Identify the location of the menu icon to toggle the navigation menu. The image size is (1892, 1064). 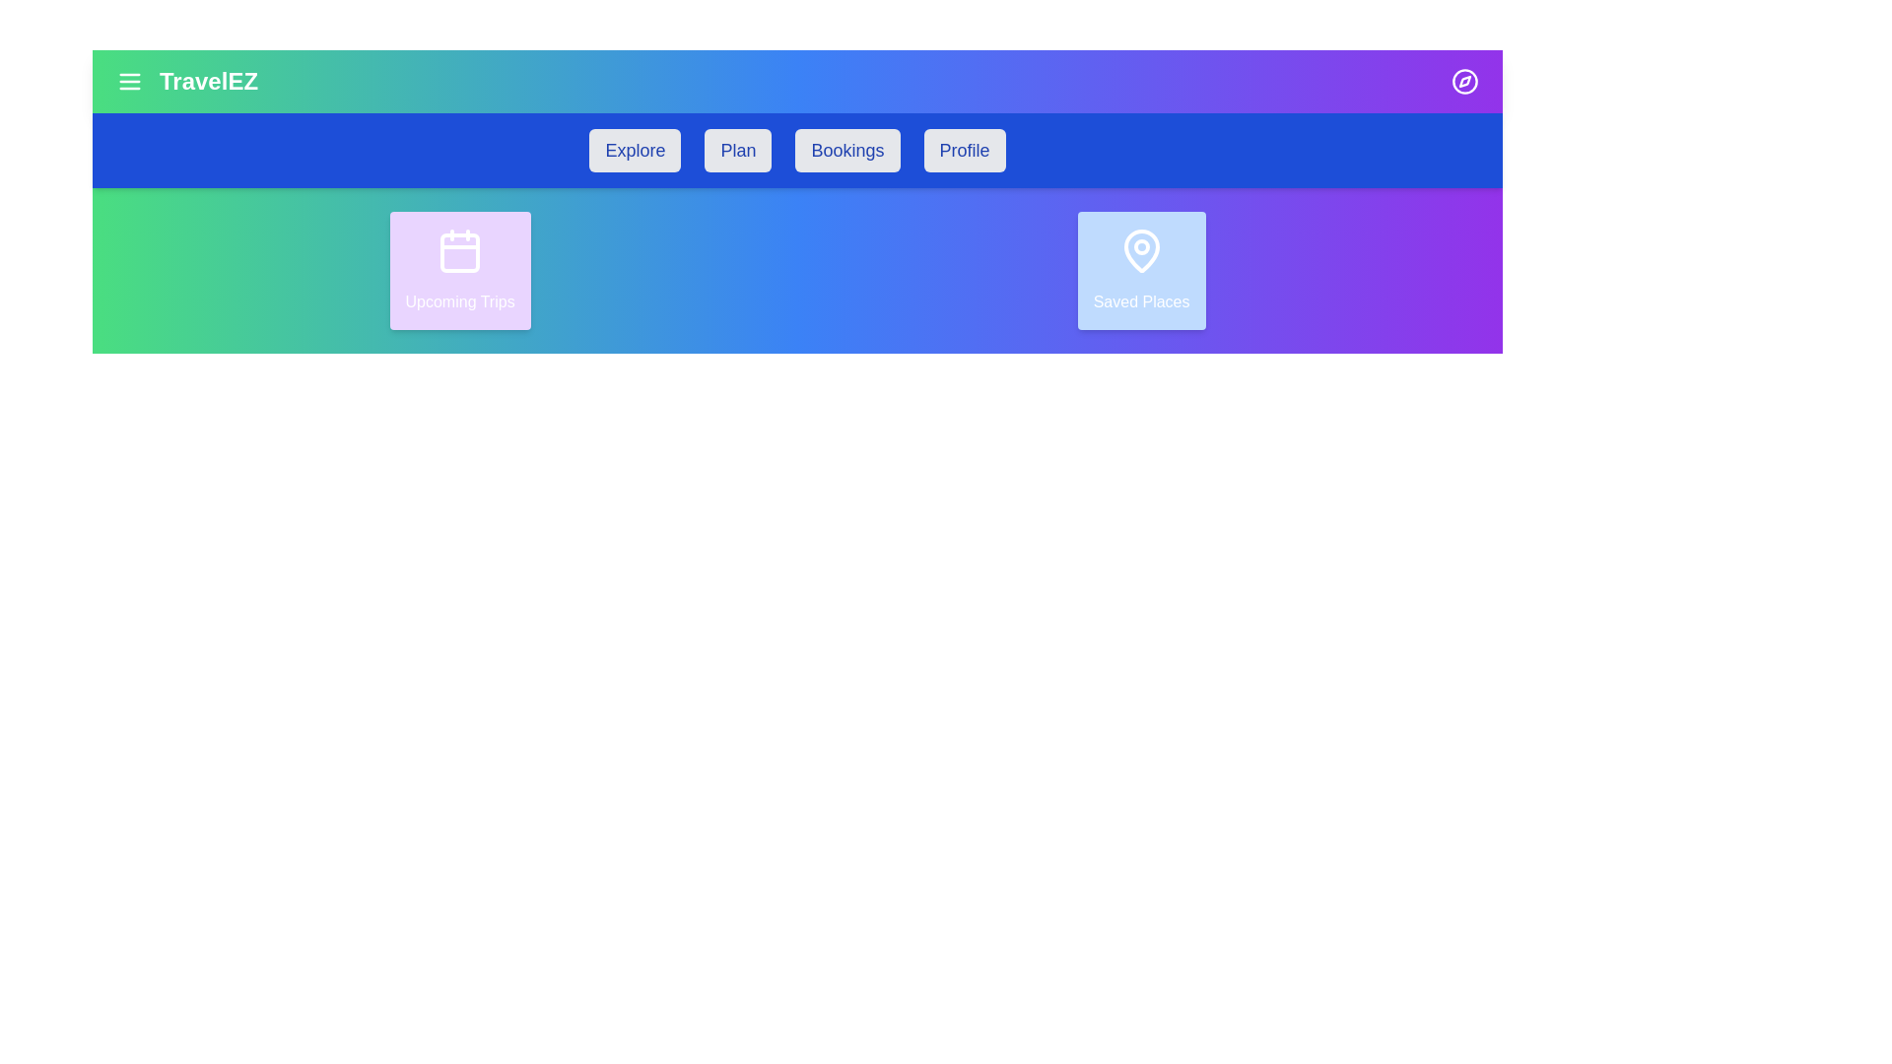
(129, 81).